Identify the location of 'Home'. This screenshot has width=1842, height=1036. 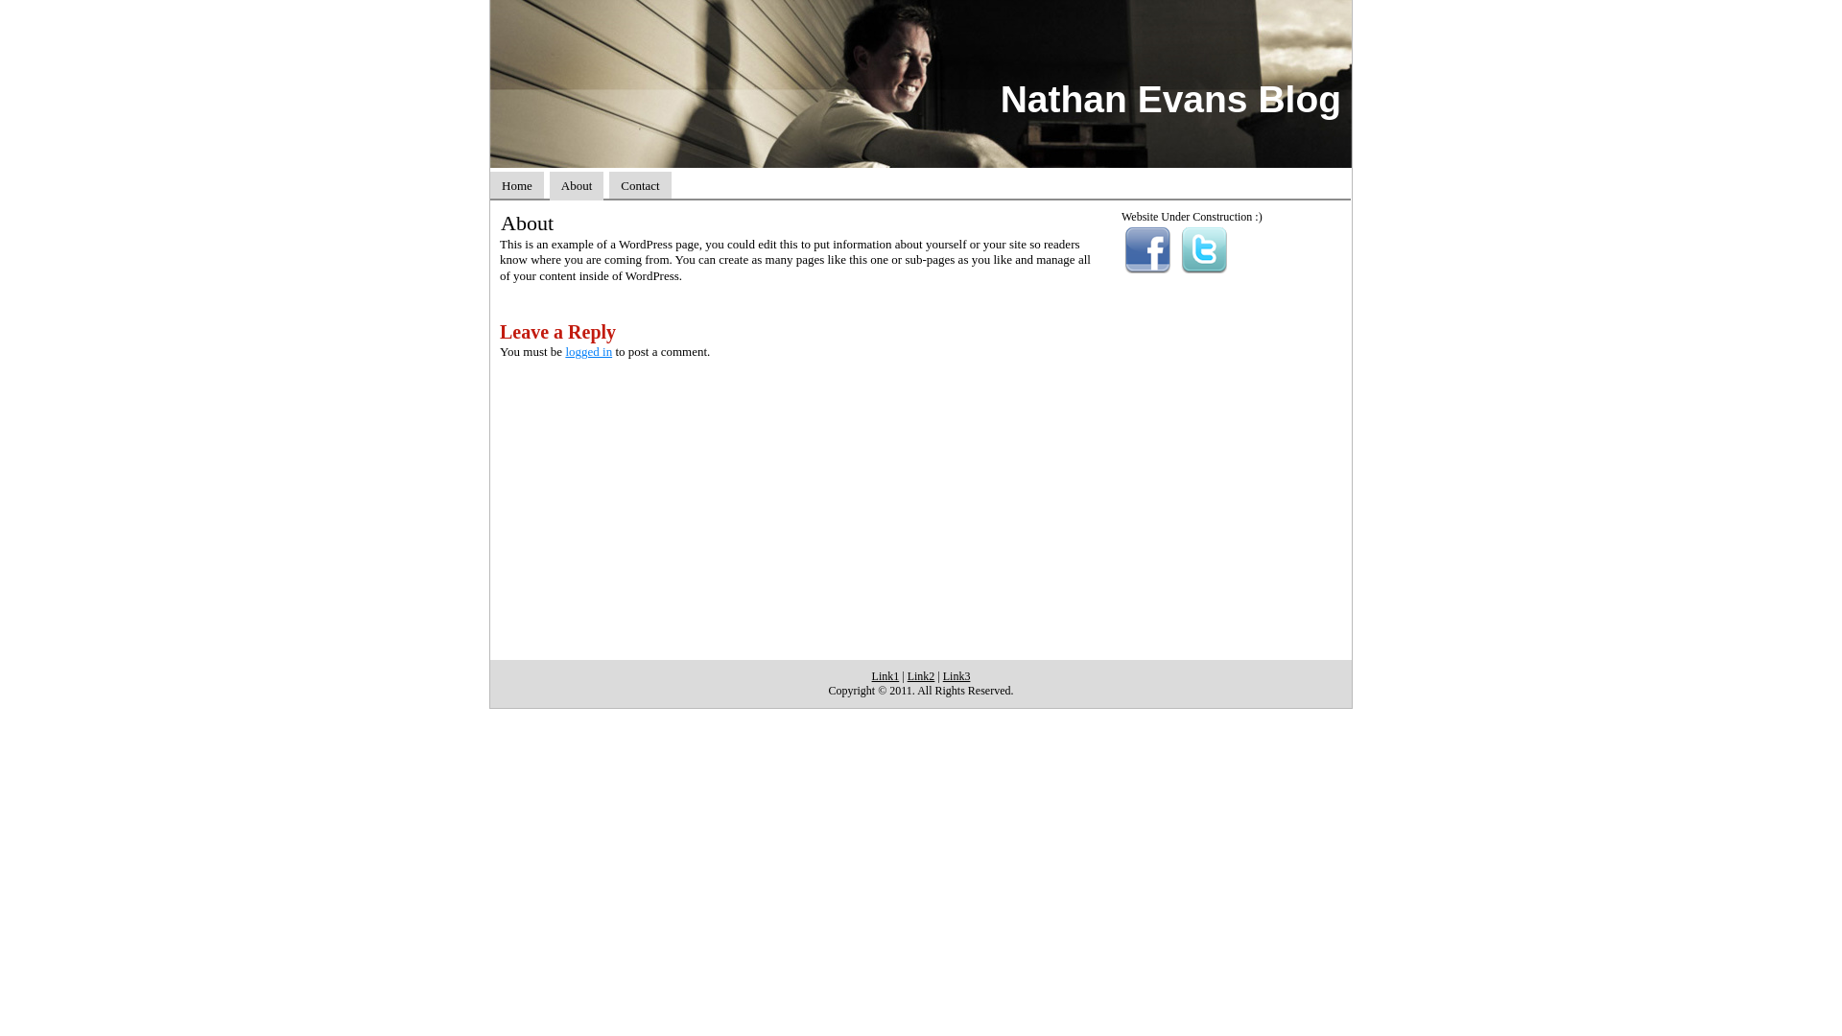
(516, 185).